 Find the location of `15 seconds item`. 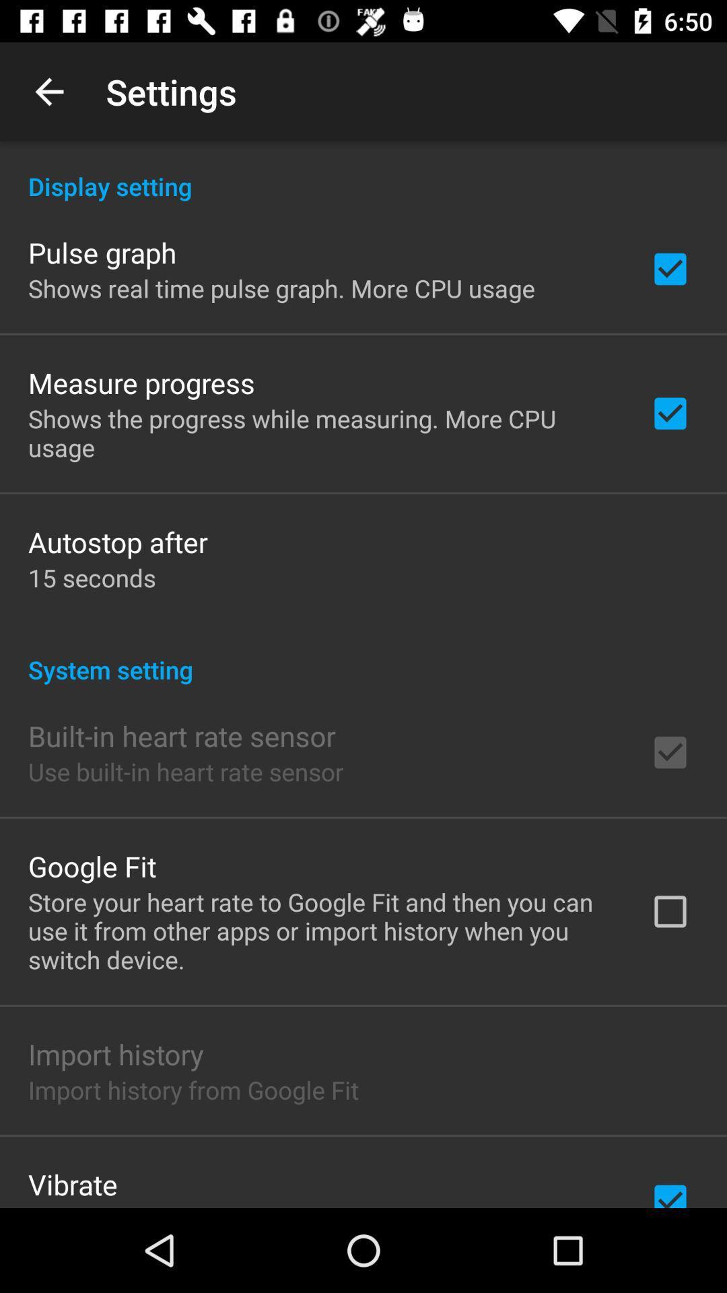

15 seconds item is located at coordinates (91, 578).